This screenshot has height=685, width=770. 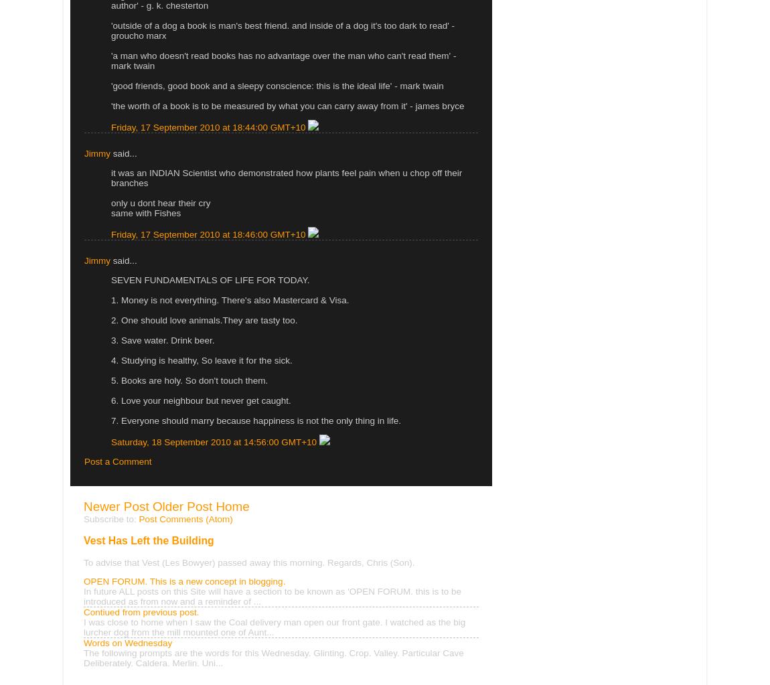 What do you see at coordinates (110, 359) in the screenshot?
I see `'4. Studying is healthy, So leave it for the sick.'` at bounding box center [110, 359].